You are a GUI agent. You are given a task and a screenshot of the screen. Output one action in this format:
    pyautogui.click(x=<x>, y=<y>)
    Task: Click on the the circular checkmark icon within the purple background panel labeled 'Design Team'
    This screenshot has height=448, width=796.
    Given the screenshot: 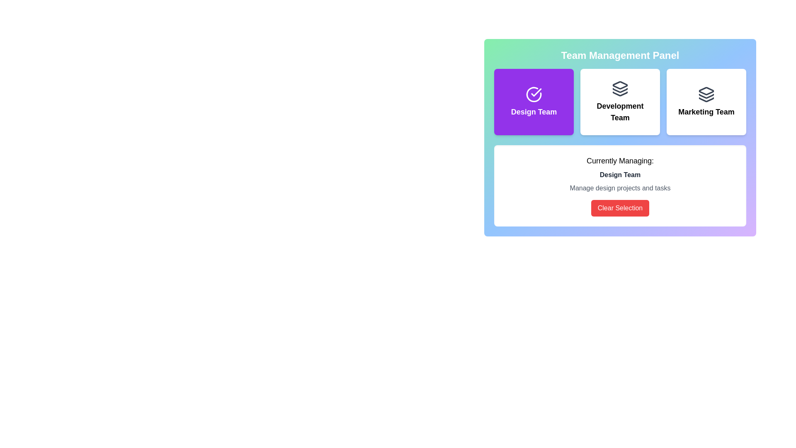 What is the action you would take?
    pyautogui.click(x=534, y=94)
    